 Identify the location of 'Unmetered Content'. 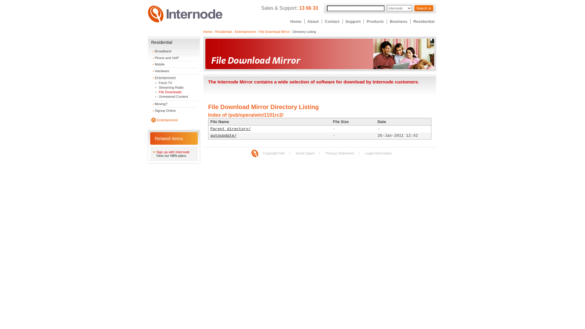
(173, 96).